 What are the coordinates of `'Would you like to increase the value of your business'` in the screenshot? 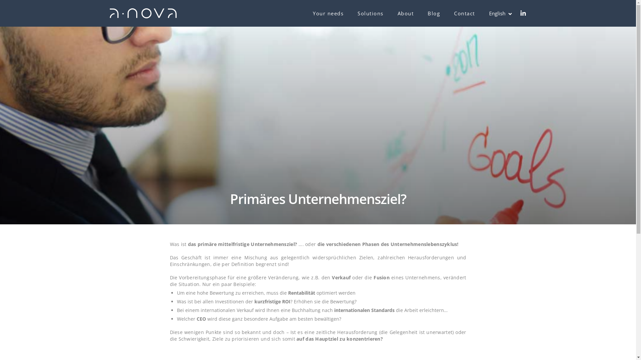 It's located at (323, 239).